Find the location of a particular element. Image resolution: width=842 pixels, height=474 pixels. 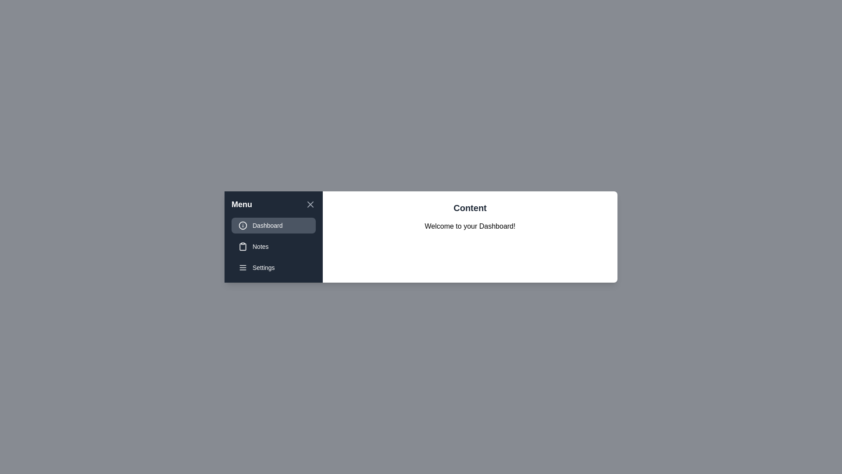

the 'Dashboard' menu icon located on the left side of the interface next to the 'Dashboard' label is located at coordinates (243, 225).